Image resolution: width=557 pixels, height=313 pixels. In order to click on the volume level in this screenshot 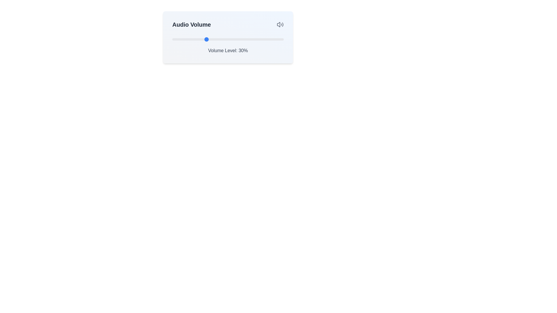, I will do `click(243, 39)`.